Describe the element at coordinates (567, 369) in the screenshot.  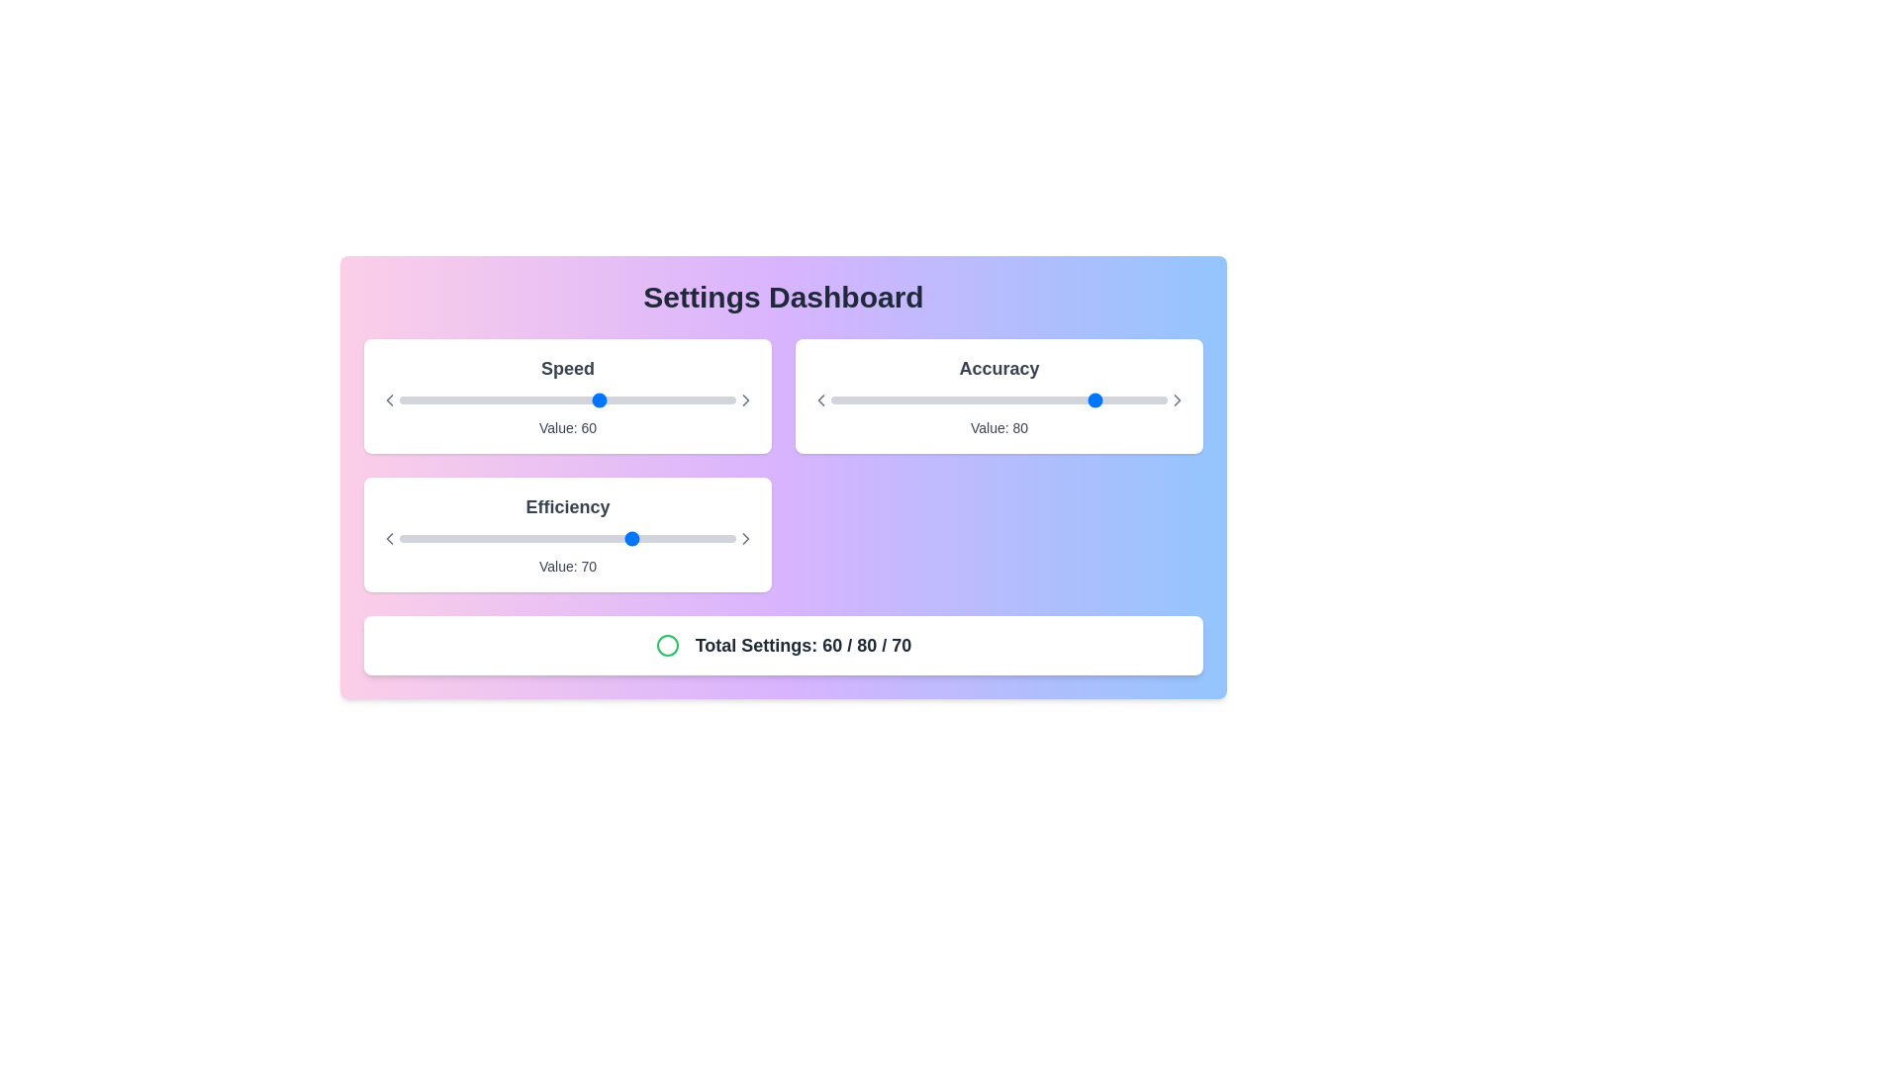
I see `the label that describes the functionality of the adjacent slider for 'Speed', which is positioned above the slider control displaying the current value of 60` at that location.